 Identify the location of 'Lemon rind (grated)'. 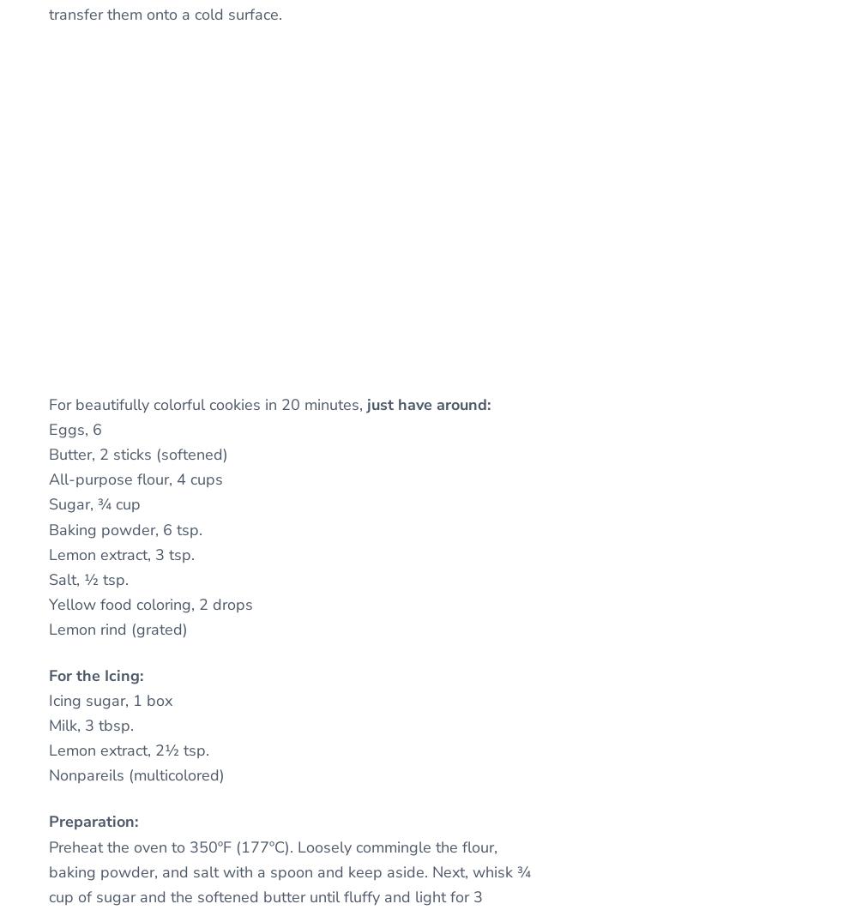
(118, 629).